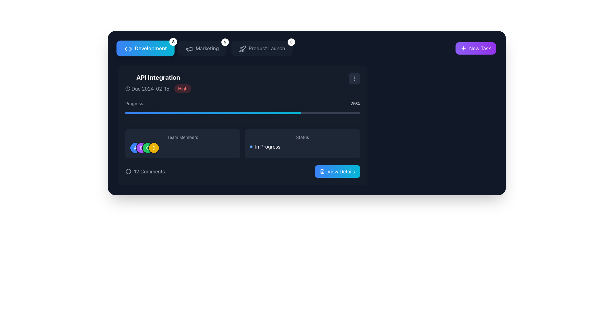  What do you see at coordinates (141, 148) in the screenshot?
I see `the circular icon with a purple background and white 'B' text, which is the second item in the 'Team Members' section of the card interface` at bounding box center [141, 148].